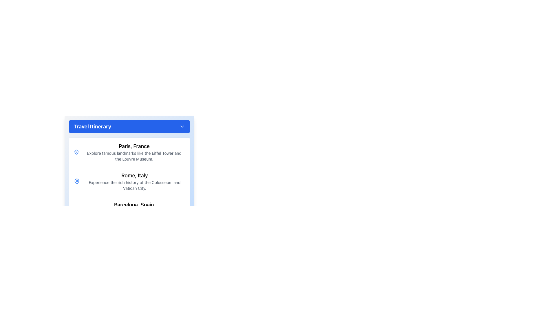 Image resolution: width=556 pixels, height=313 pixels. Describe the element at coordinates (182, 126) in the screenshot. I see `the icon located in the upper-right corner of the blue header section labeled 'Travel Itinerary'` at that location.